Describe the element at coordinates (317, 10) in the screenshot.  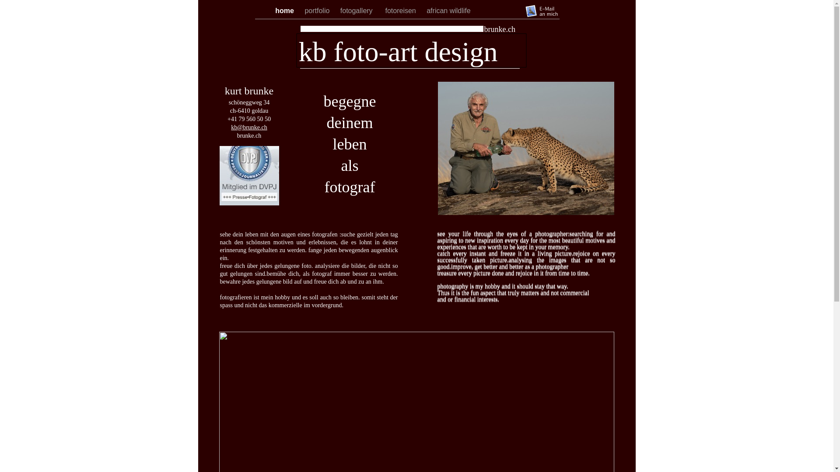
I see `'portfolio'` at that location.